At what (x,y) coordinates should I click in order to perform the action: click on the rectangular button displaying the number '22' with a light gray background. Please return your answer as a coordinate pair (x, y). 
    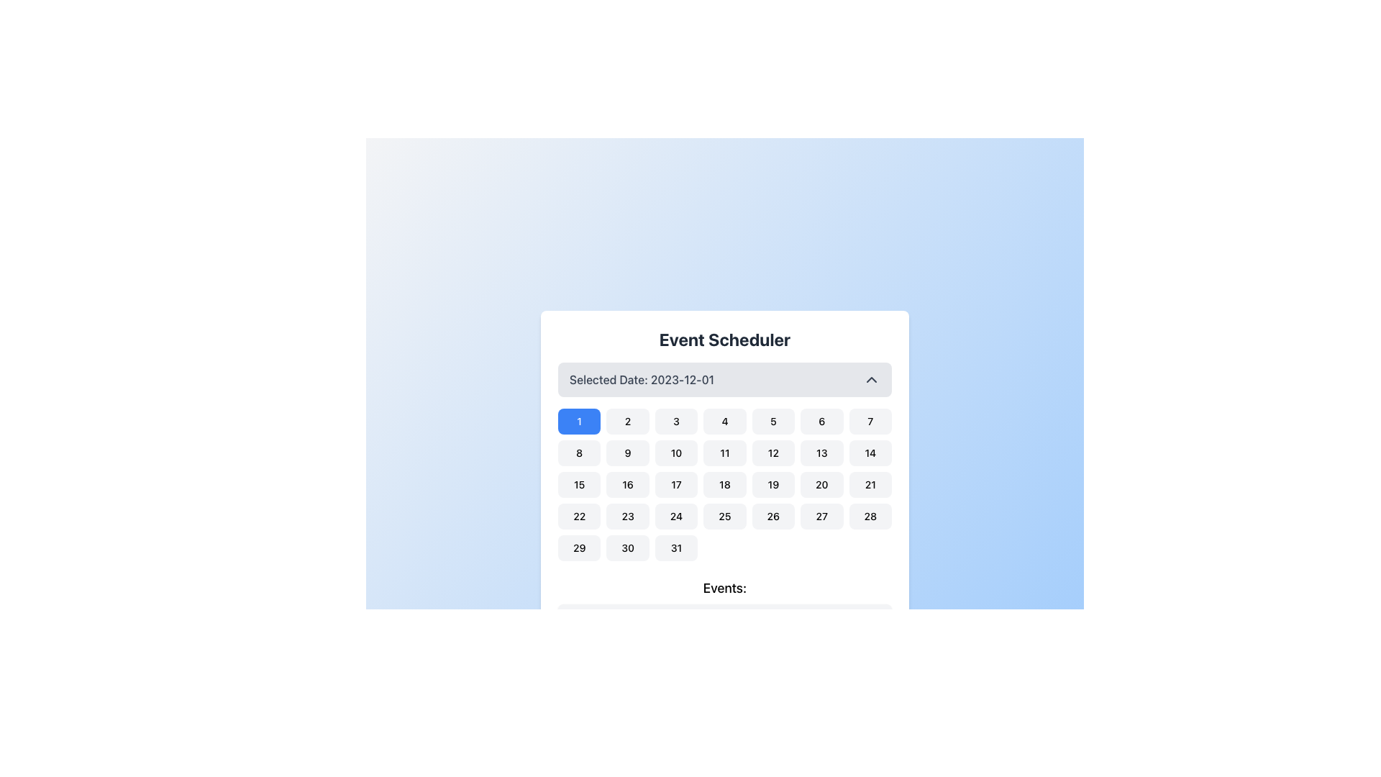
    Looking at the image, I should click on (579, 515).